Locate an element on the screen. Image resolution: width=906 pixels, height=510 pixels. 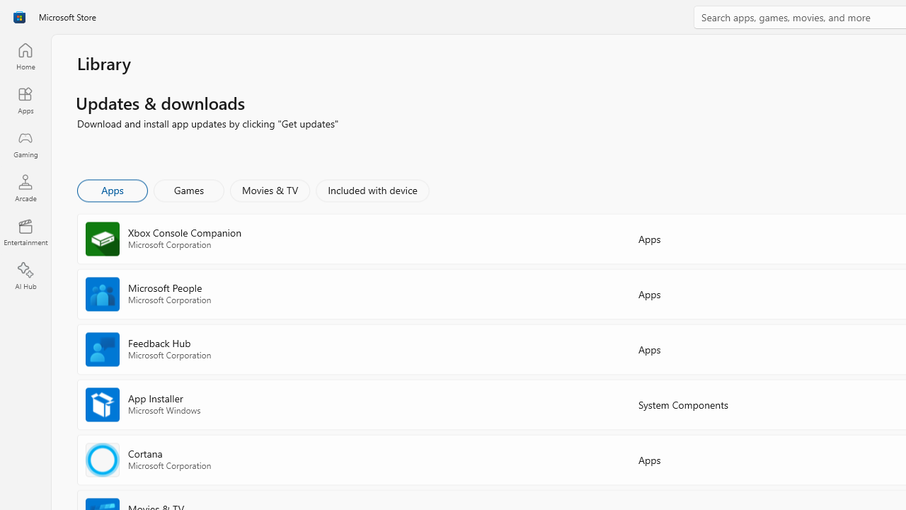
'Home' is located at coordinates (25, 55).